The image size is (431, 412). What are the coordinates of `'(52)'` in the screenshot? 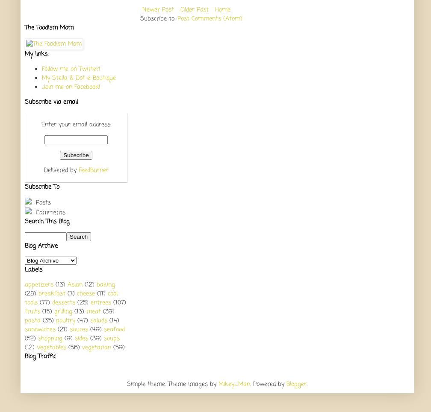 It's located at (30, 338).